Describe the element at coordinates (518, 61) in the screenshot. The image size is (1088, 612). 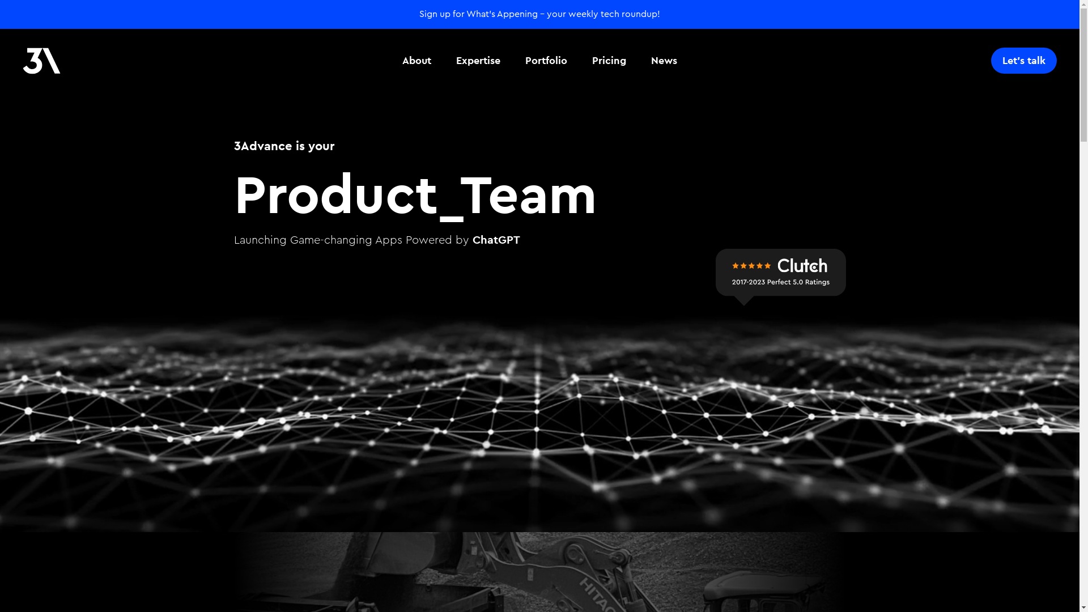
I see `'Portfolio'` at that location.